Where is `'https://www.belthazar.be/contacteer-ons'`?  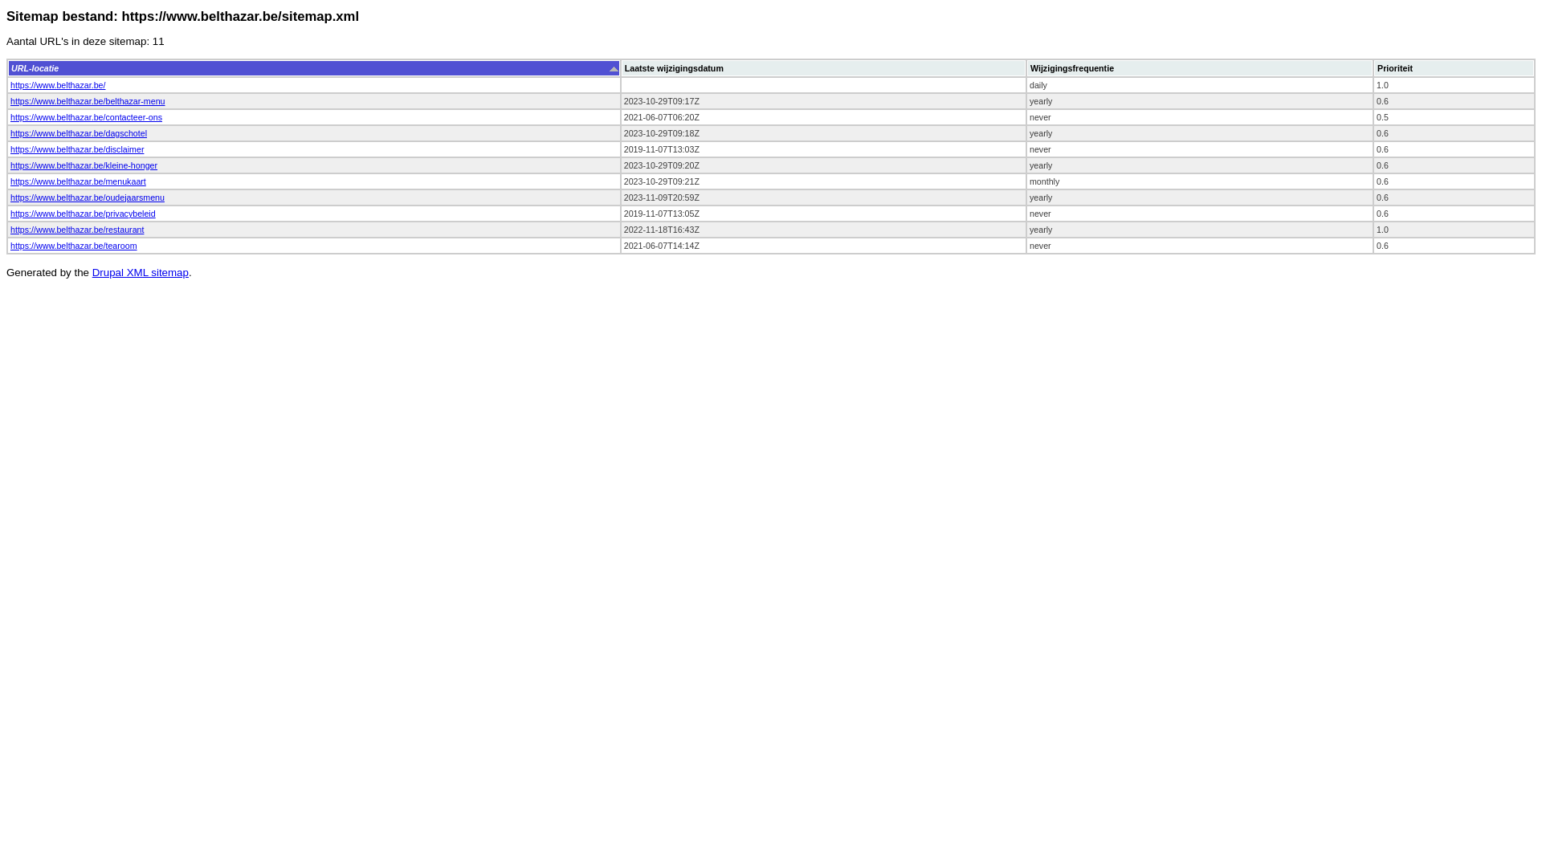
'https://www.belthazar.be/contacteer-ons' is located at coordinates (85, 116).